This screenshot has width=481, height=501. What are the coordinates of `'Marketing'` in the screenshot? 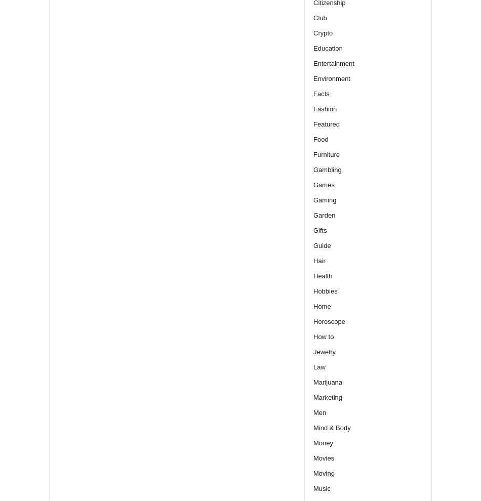 It's located at (328, 397).